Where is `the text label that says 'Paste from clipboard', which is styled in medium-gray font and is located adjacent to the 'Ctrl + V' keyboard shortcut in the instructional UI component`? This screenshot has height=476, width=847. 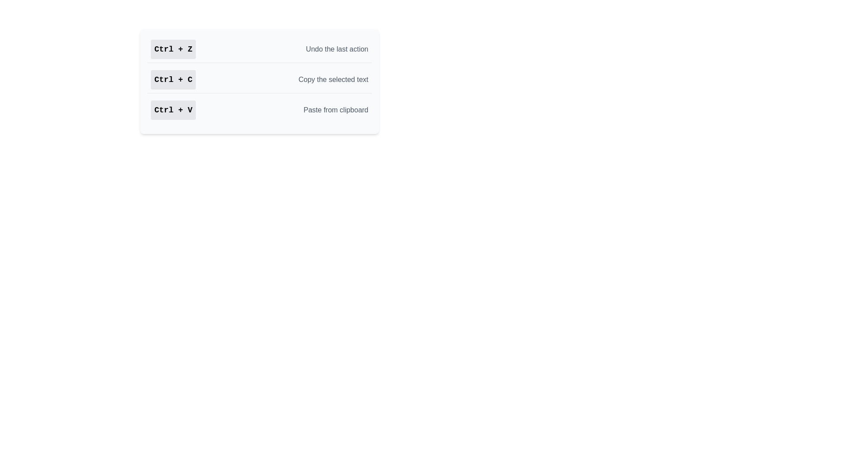 the text label that says 'Paste from clipboard', which is styled in medium-gray font and is located adjacent to the 'Ctrl + V' keyboard shortcut in the instructional UI component is located at coordinates (335, 110).